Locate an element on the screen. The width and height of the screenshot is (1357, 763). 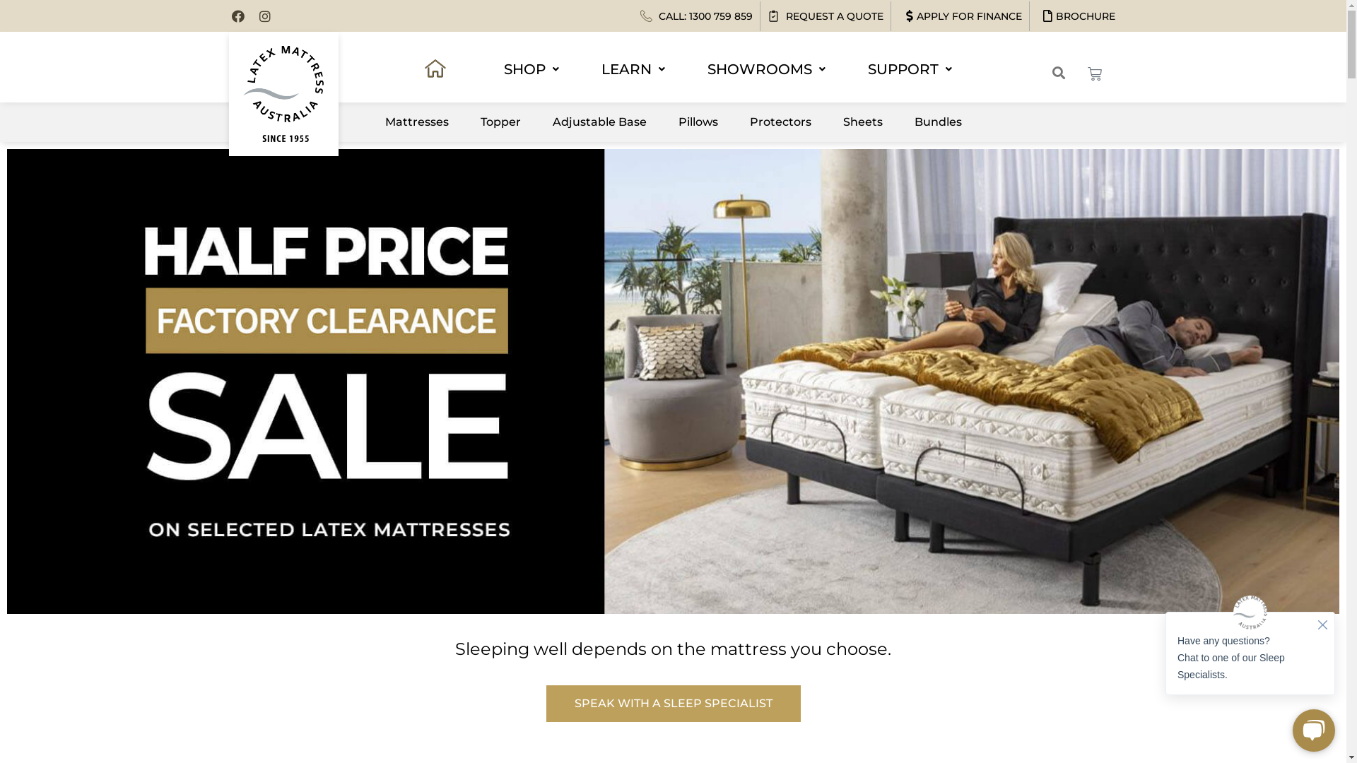
'SUPPORT' is located at coordinates (909, 69).